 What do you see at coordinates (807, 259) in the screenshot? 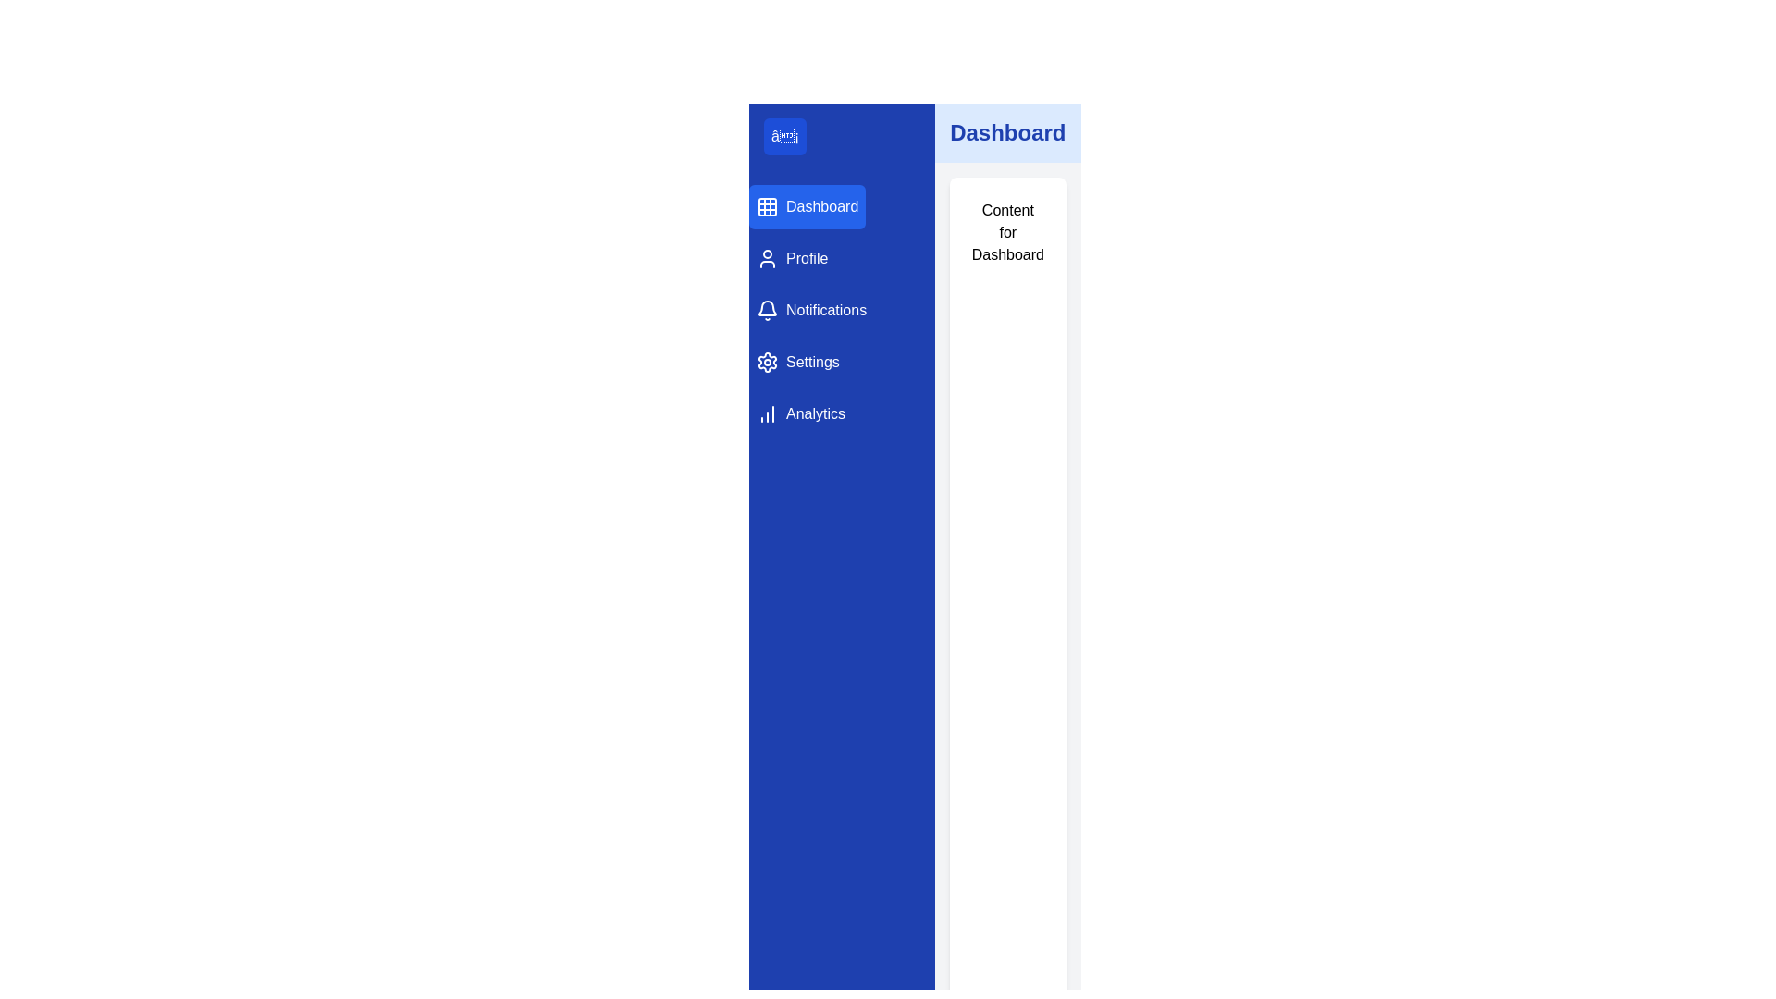
I see `the 'Profile' text label in the left sidebar navigation menu, which serves as the identifier for the user's profile section` at bounding box center [807, 259].